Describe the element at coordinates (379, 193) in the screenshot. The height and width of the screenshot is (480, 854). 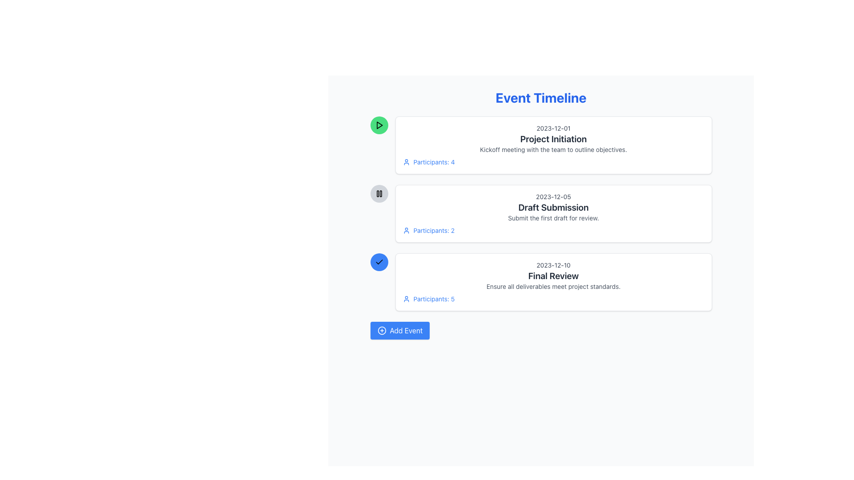
I see `the icon indicating the 'Draft Submission' event, which is located to the left of the 'Draft Submission' event in the list of events and vertically aligned with its textual content` at that location.